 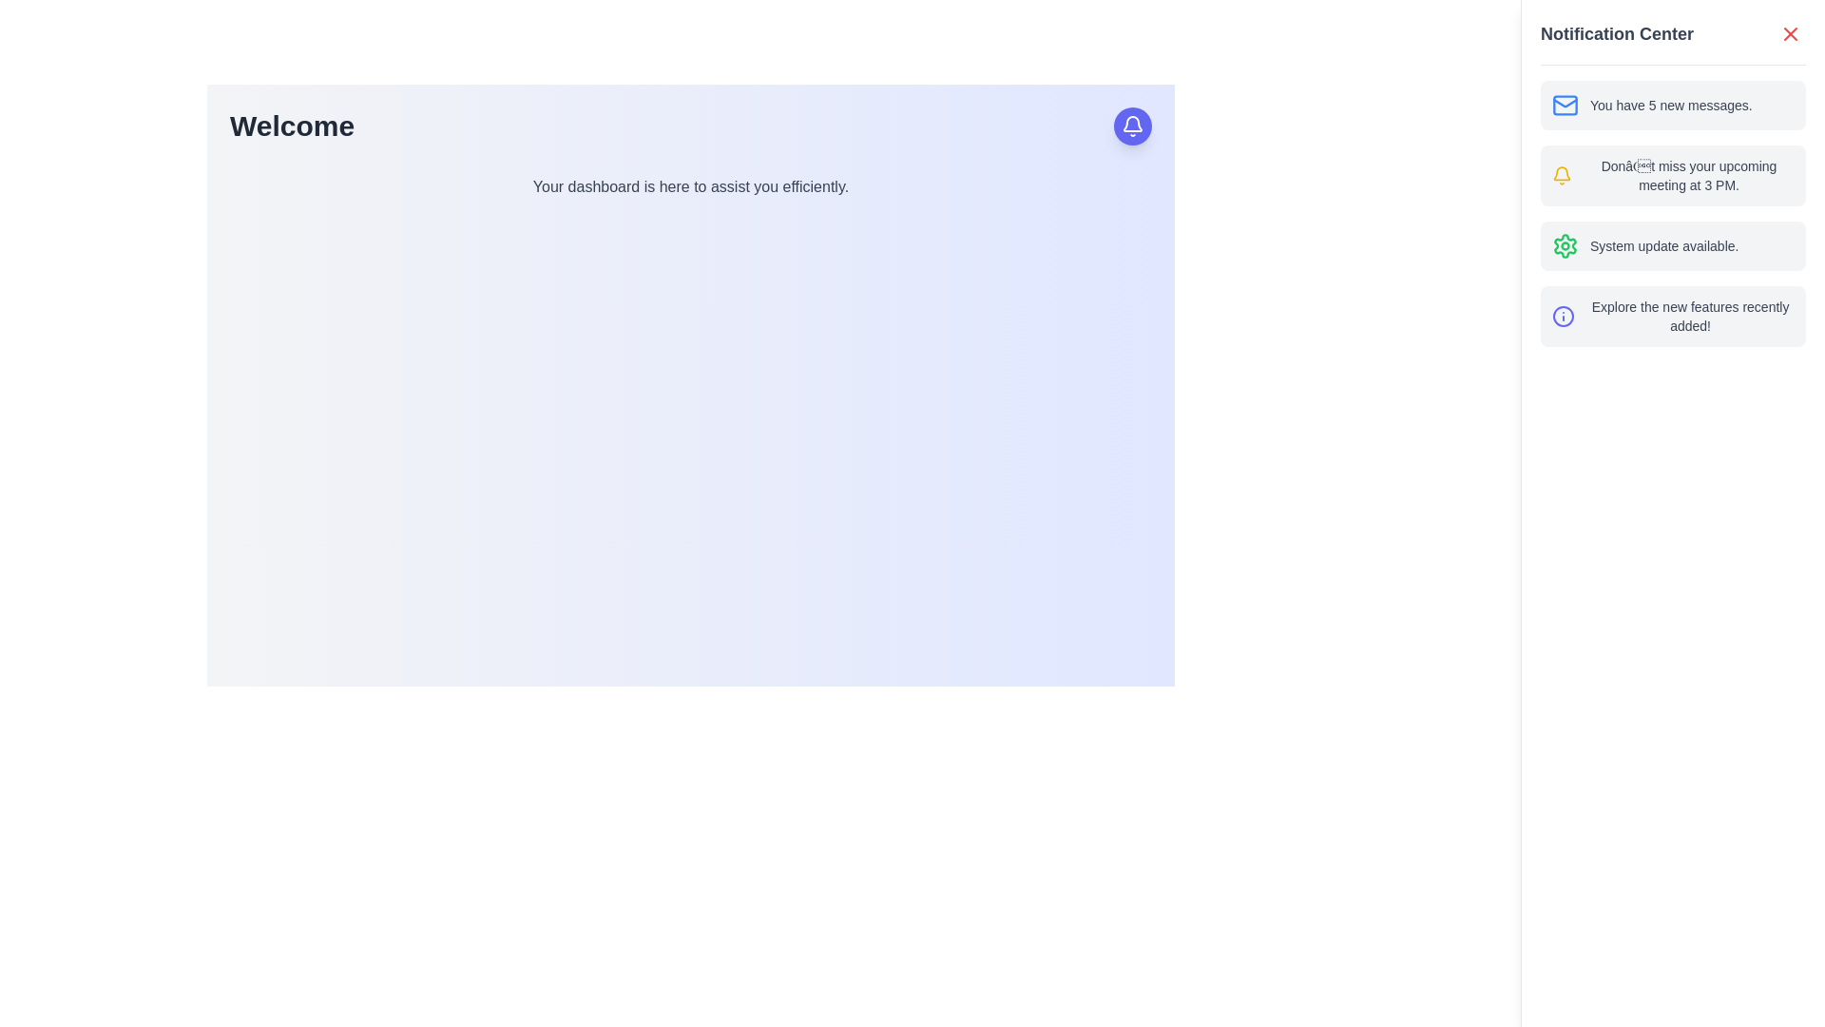 What do you see at coordinates (1663, 244) in the screenshot?
I see `text displayed in the label saying 'System update available.' located in the third item of the notification list in the Notification Center panel` at bounding box center [1663, 244].